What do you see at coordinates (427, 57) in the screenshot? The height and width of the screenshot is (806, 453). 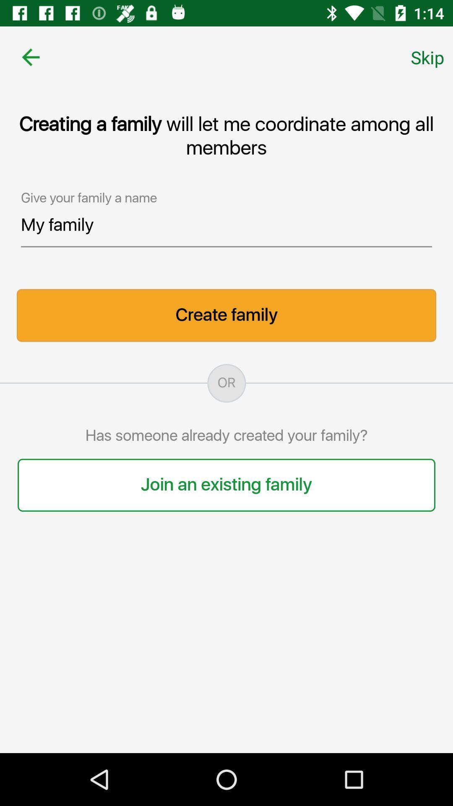 I see `the icon at the top right corner` at bounding box center [427, 57].